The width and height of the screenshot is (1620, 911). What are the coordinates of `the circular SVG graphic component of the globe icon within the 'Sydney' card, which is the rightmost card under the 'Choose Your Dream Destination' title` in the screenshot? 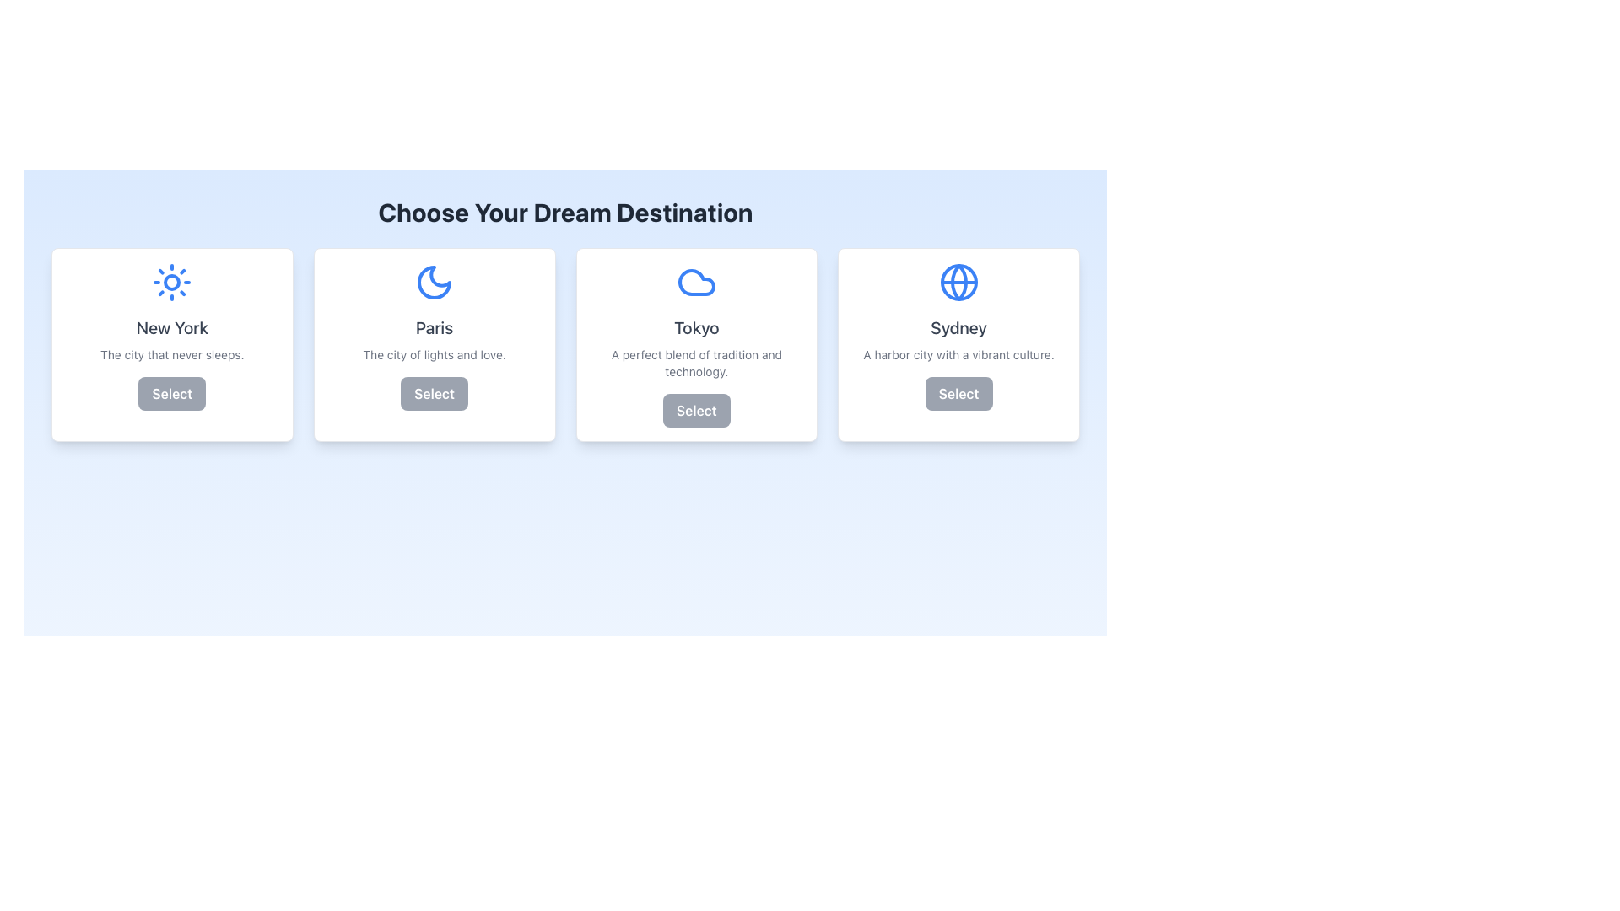 It's located at (958, 282).